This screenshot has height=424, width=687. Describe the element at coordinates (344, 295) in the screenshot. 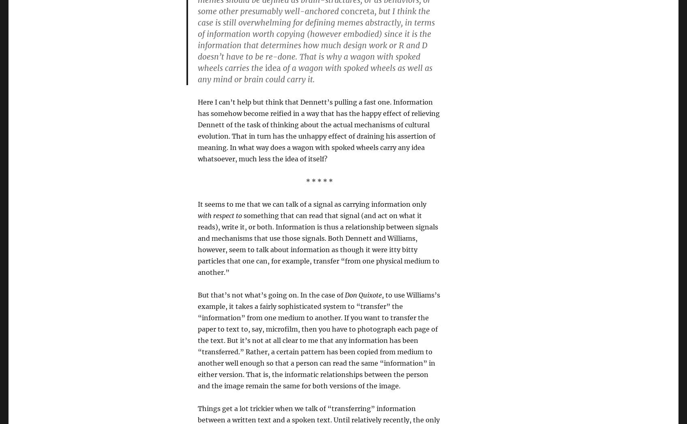

I see `'Don Quixote'` at that location.